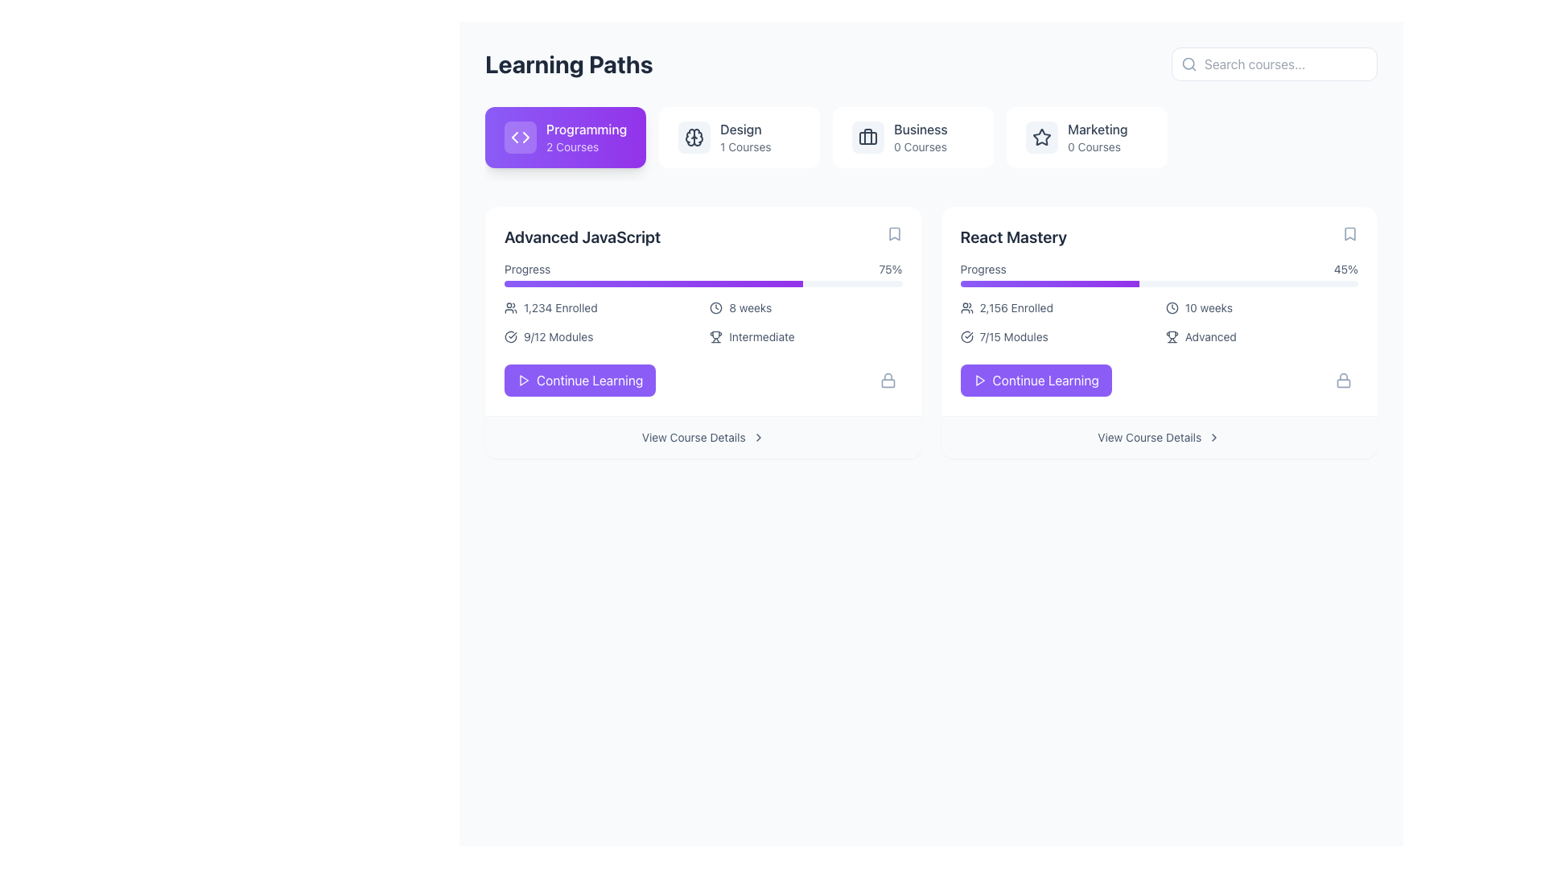  I want to click on the 'Programming' title element located in the top-left segment of the interface, which is part of a purple clickable block labeled 'Programming 2 Courses', so click(586, 129).